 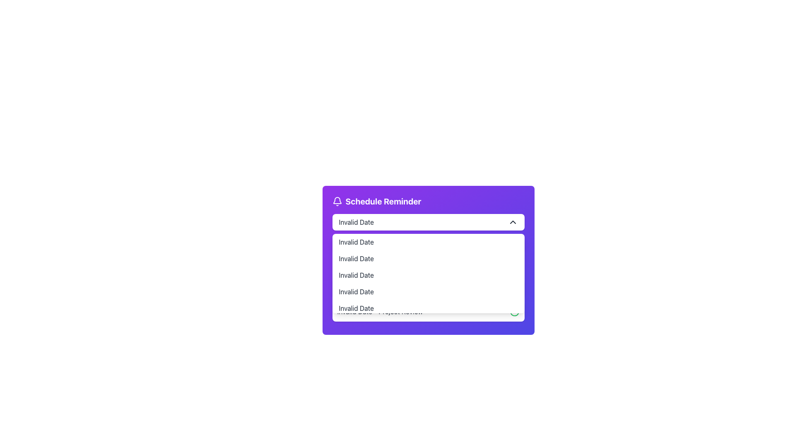 What do you see at coordinates (428, 245) in the screenshot?
I see `the dropdown list item labeled 'Invalid Date' which is the second item in the 'Schedule Reminder' section` at bounding box center [428, 245].